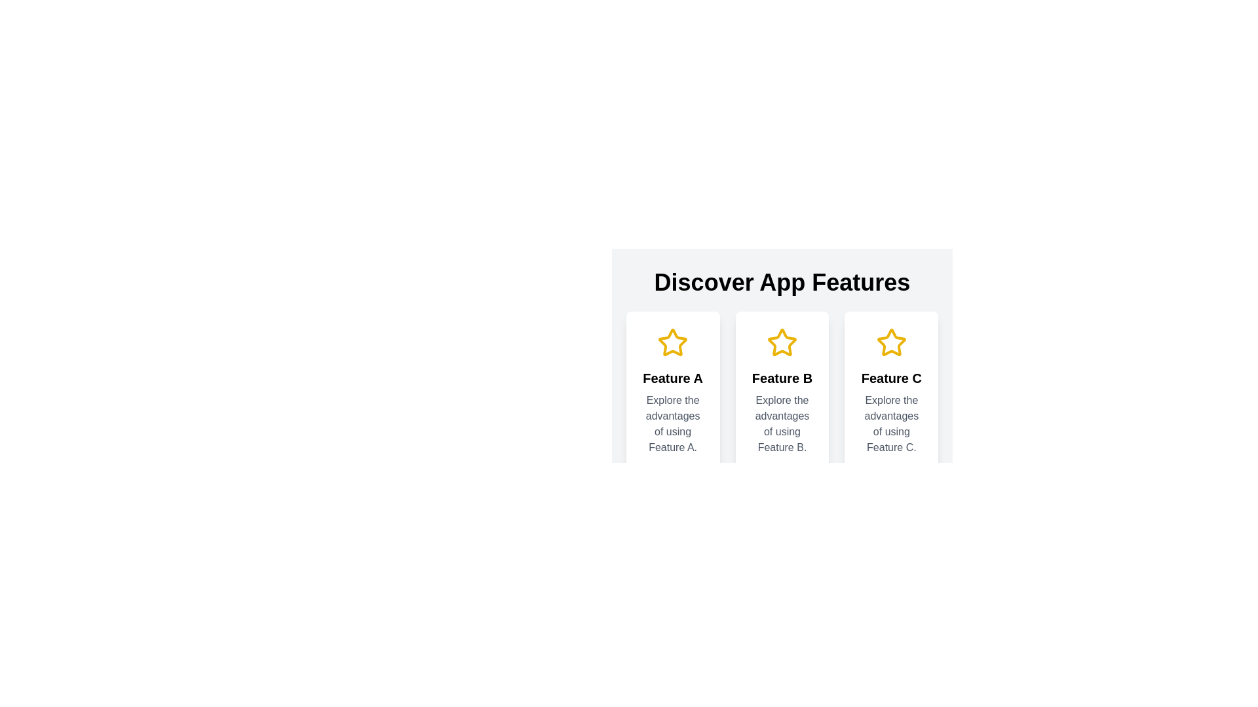  Describe the element at coordinates (891, 378) in the screenshot. I see `the bold text label 'Feature C'` at that location.